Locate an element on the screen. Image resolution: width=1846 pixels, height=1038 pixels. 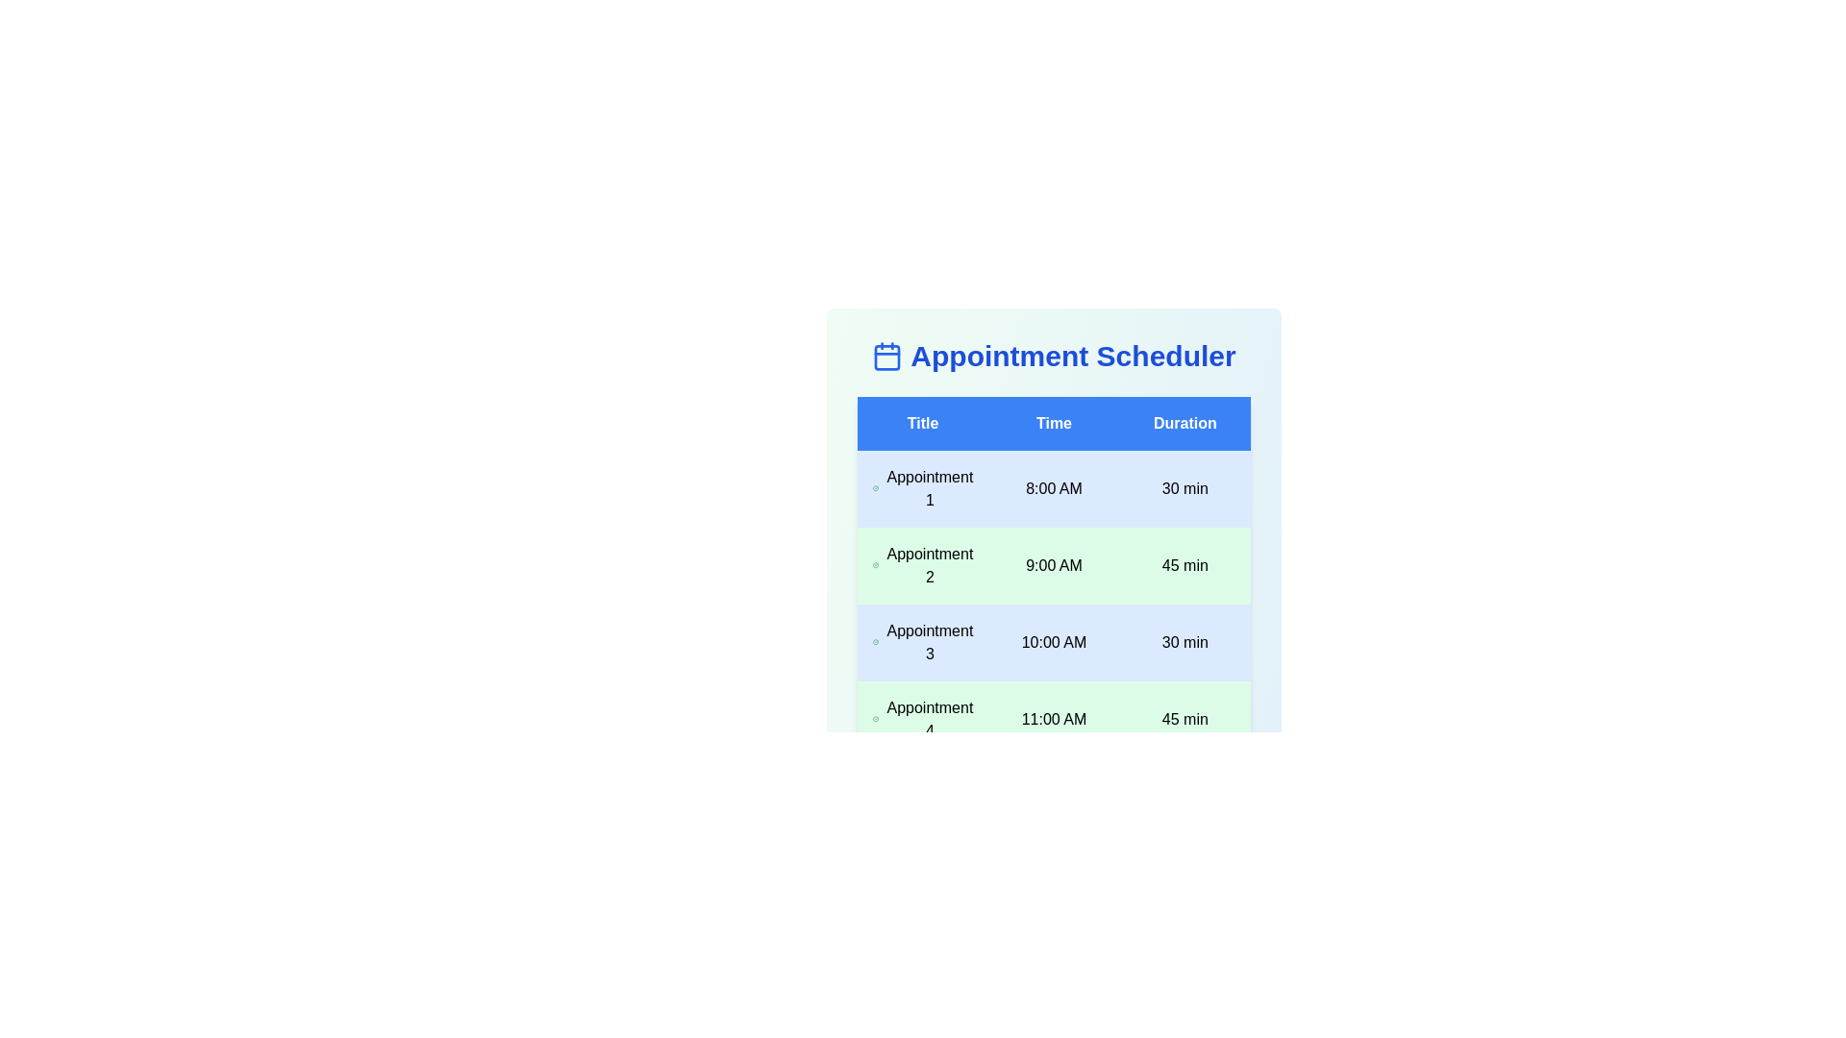
the row corresponding to Appointment 3 to select it is located at coordinates (1053, 642).